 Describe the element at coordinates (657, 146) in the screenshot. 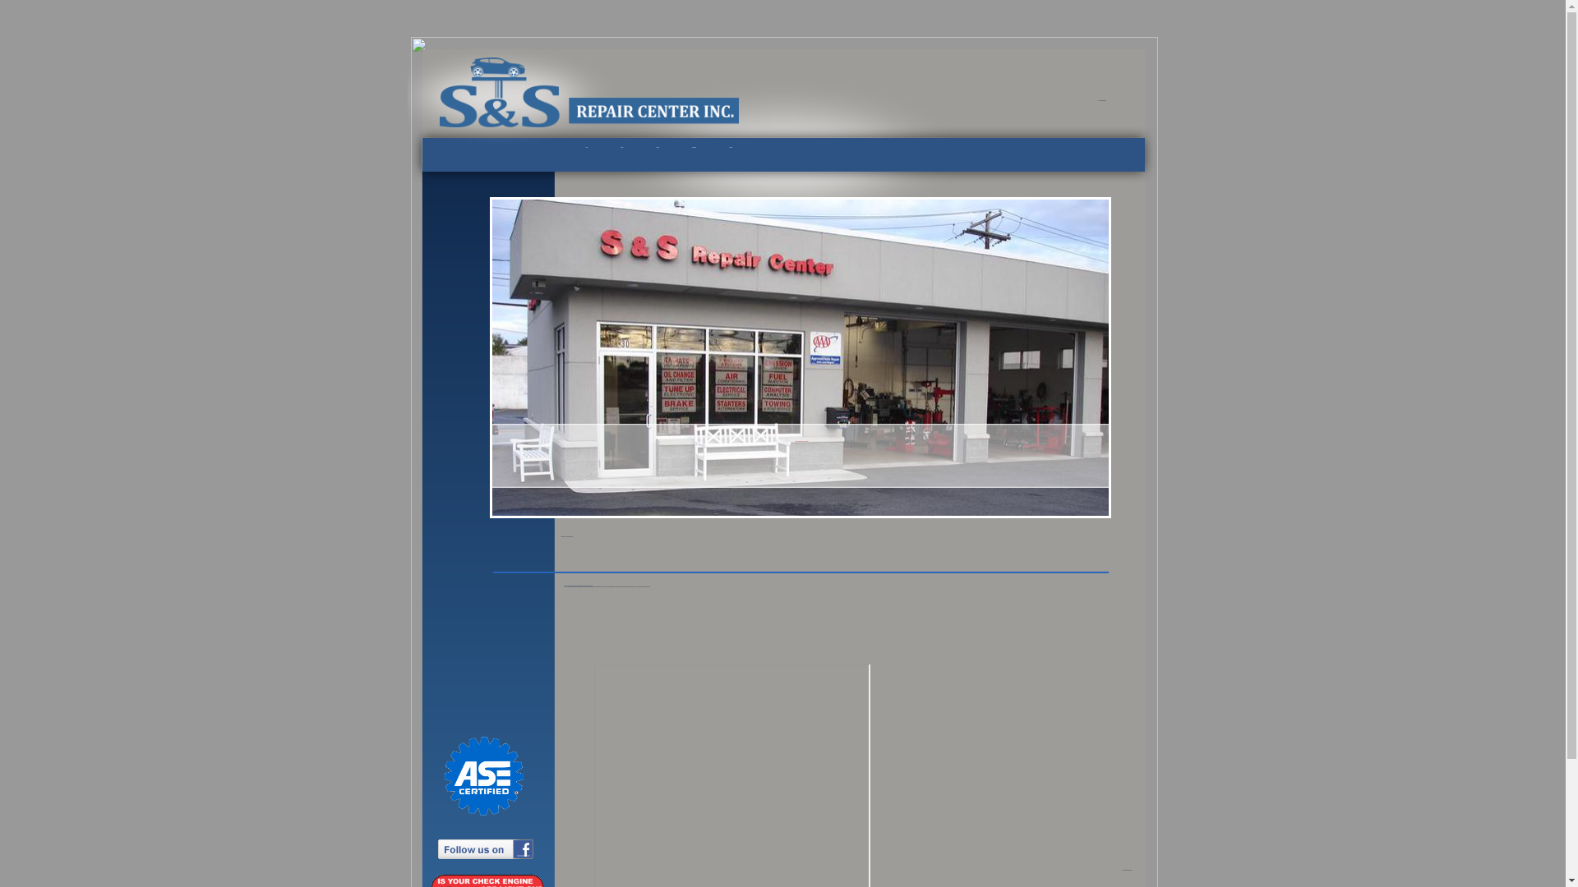

I see `'Coupons'` at that location.